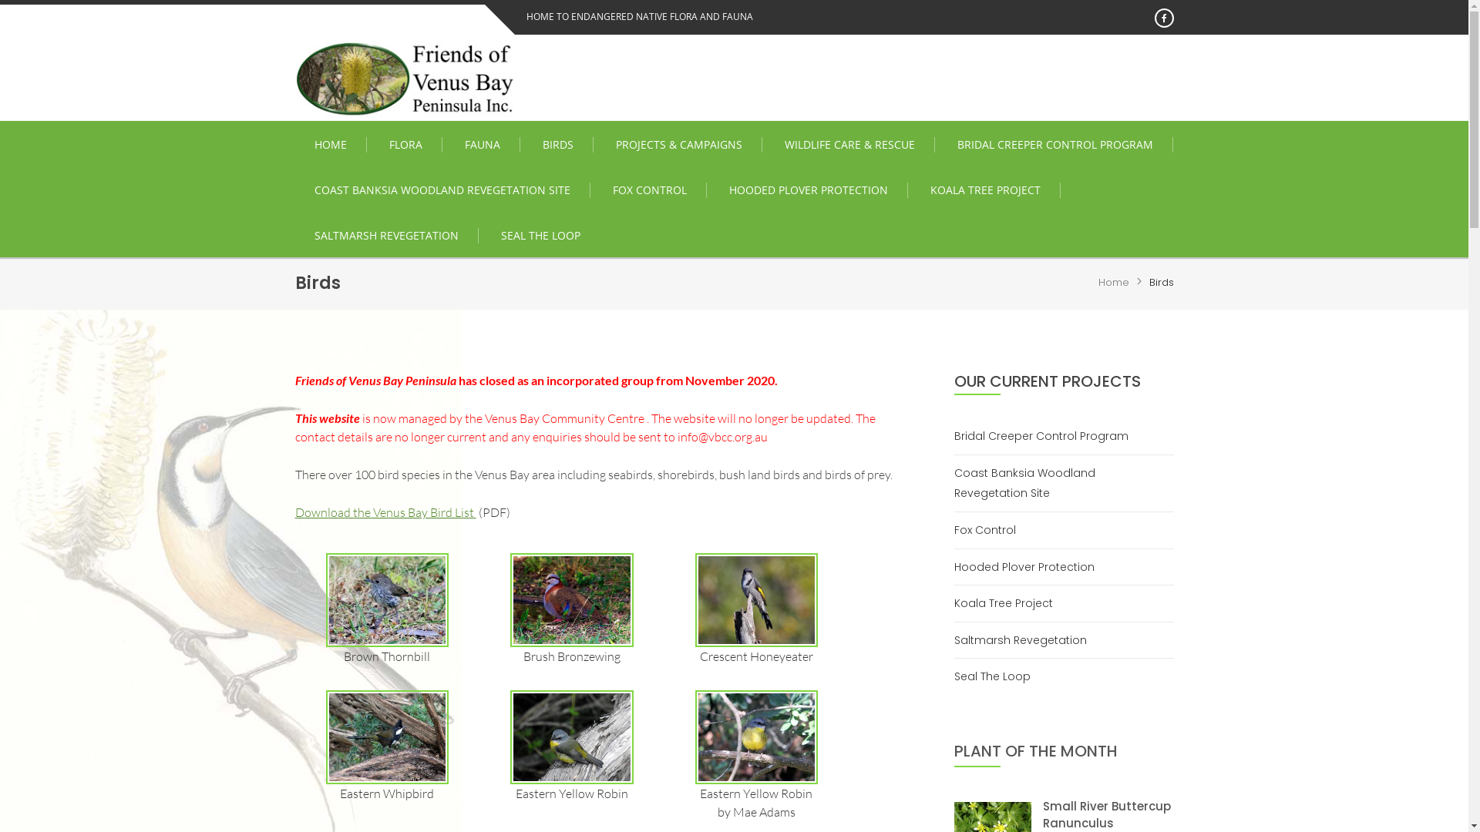 This screenshot has height=832, width=1480. What do you see at coordinates (678, 145) in the screenshot?
I see `'PROJECTS & CAMPAIGNS'` at bounding box center [678, 145].